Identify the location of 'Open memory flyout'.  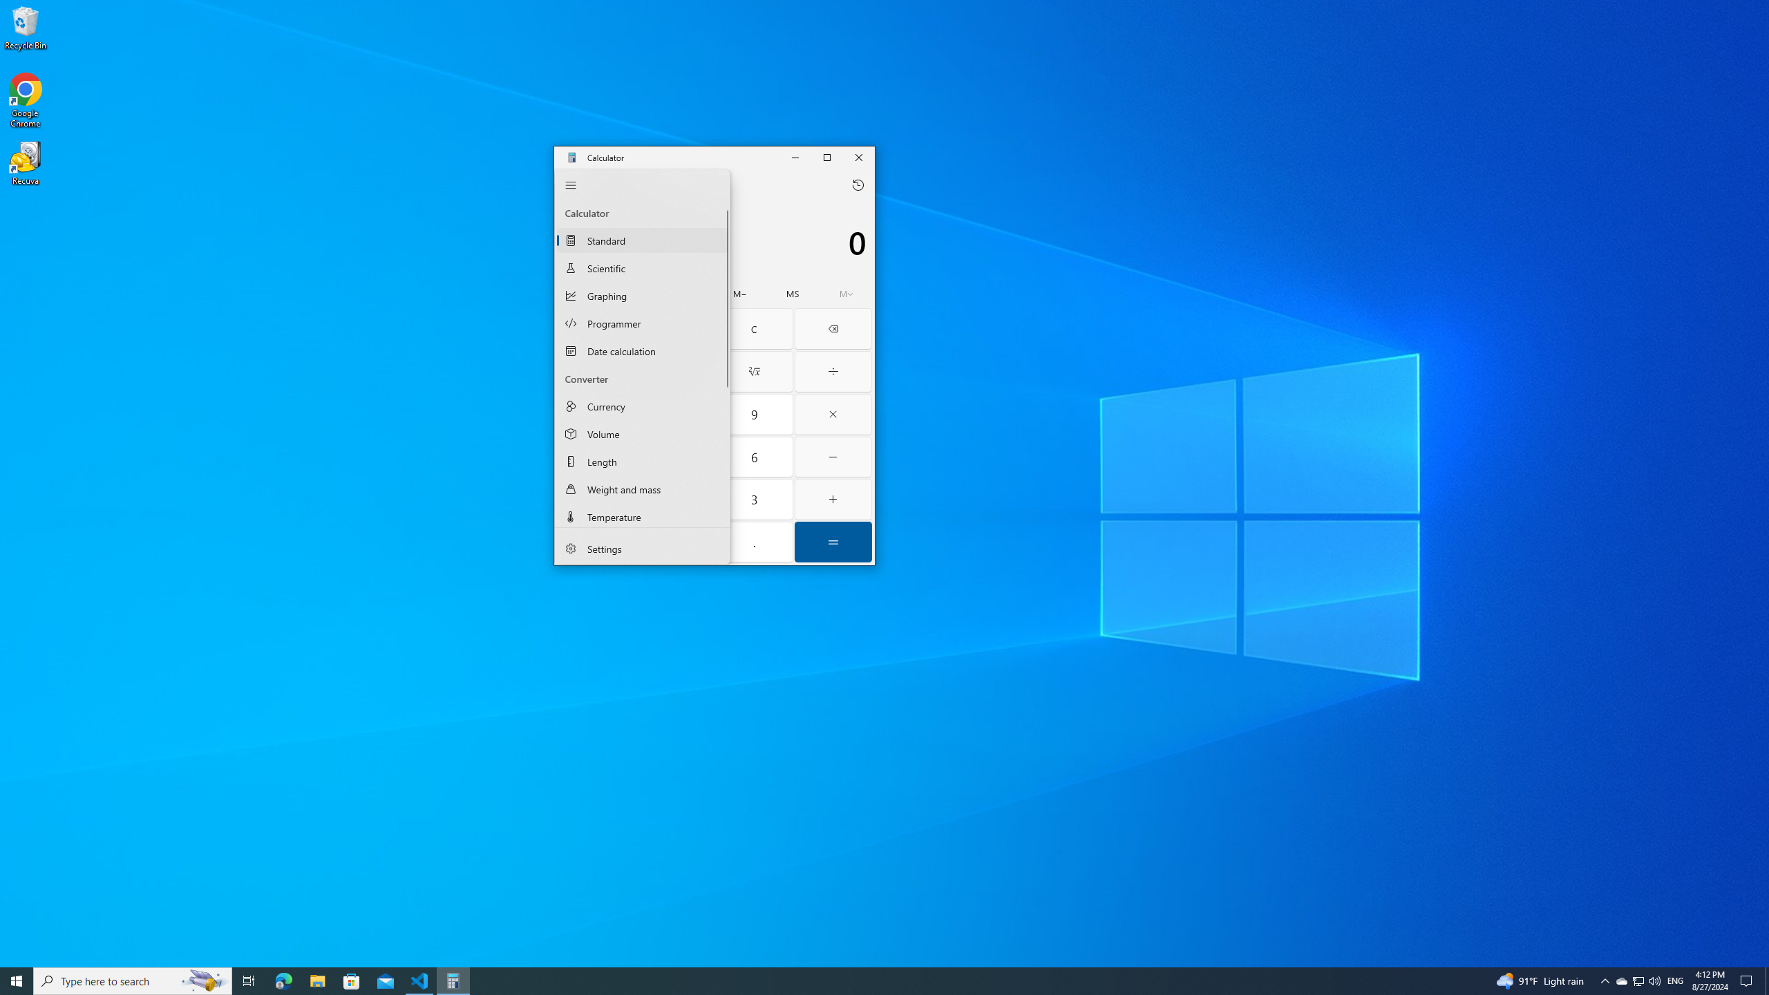
(845, 294).